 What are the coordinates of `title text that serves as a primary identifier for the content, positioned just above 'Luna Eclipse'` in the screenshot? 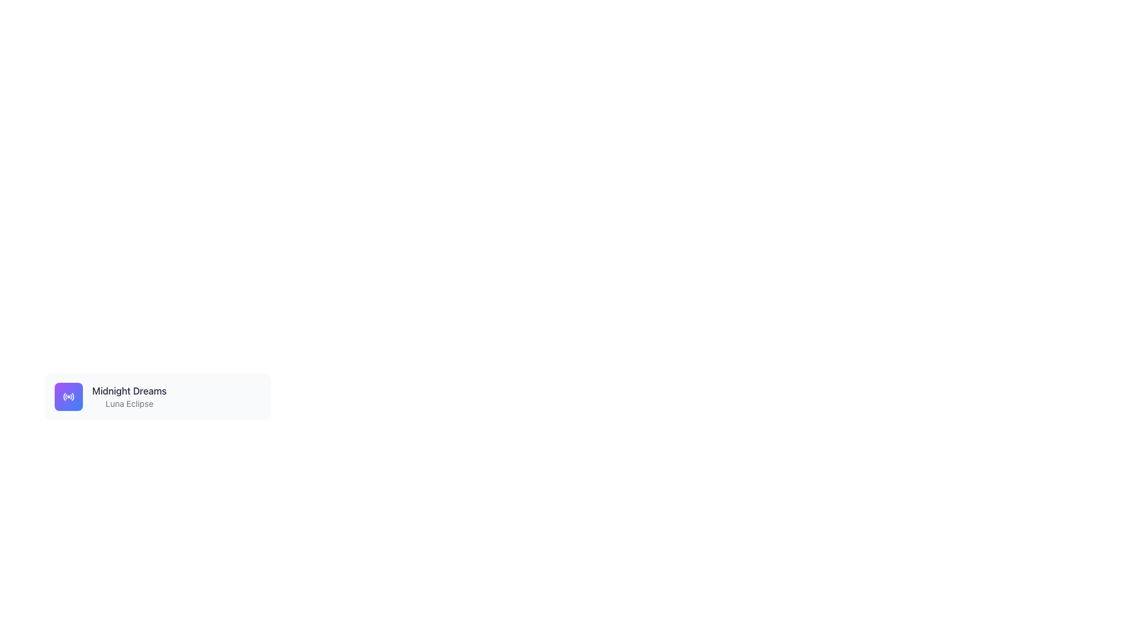 It's located at (129, 390).